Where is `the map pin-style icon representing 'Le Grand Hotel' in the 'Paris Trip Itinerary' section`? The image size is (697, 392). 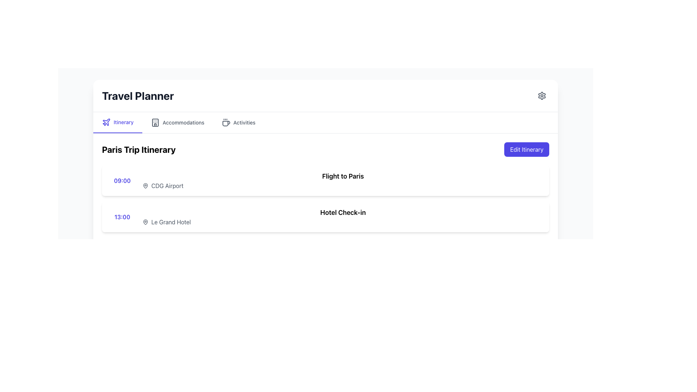 the map pin-style icon representing 'Le Grand Hotel' in the 'Paris Trip Itinerary' section is located at coordinates (145, 221).